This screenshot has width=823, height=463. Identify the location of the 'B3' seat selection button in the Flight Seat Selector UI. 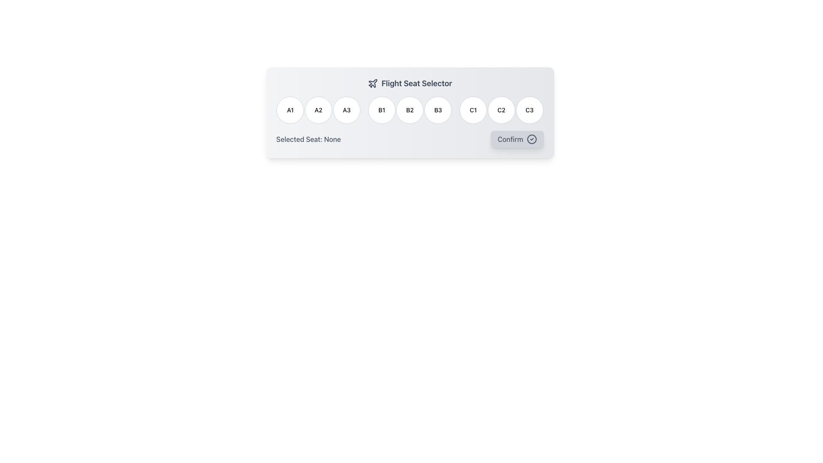
(438, 110).